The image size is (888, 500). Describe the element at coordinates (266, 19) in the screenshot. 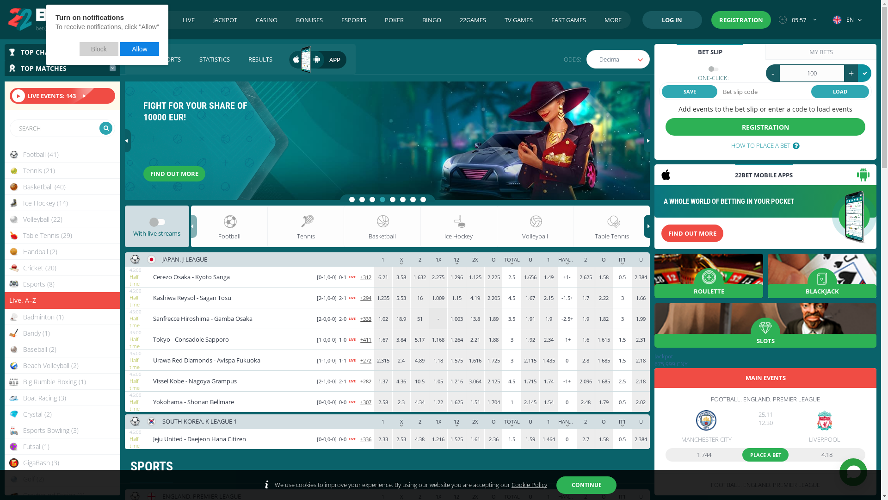

I see `'CASINO'` at that location.